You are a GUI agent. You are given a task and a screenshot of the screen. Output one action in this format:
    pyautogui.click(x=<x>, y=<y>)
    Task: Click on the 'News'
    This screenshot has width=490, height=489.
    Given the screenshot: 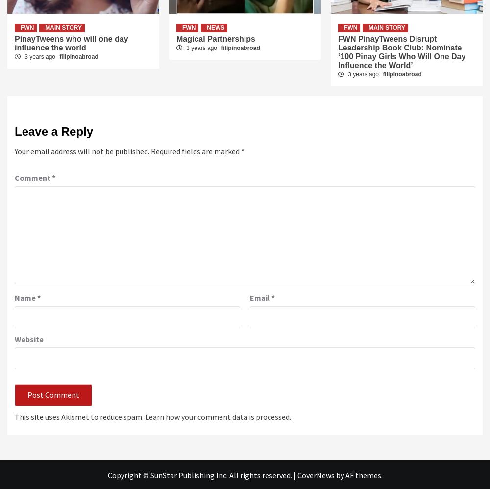 What is the action you would take?
    pyautogui.click(x=207, y=26)
    